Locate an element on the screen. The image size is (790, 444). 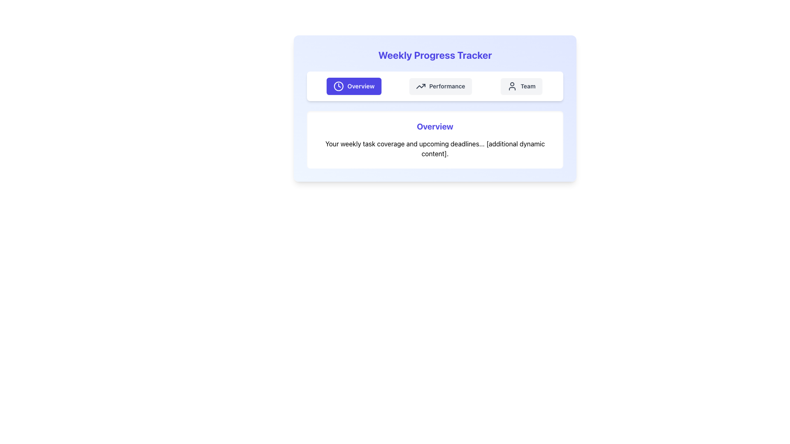
header text displayed at the center of the header element located above the descriptive text block is located at coordinates (434, 127).